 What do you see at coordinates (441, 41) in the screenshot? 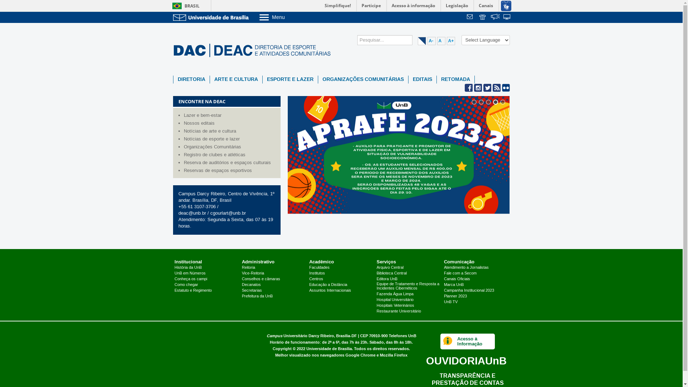
I see `'A'` at bounding box center [441, 41].